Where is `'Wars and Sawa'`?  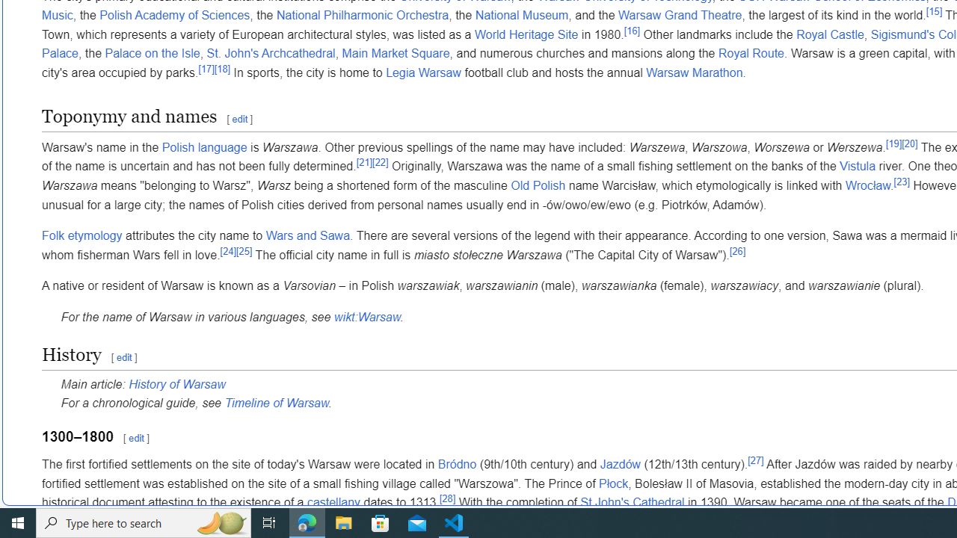
'Wars and Sawa' is located at coordinates (307, 235).